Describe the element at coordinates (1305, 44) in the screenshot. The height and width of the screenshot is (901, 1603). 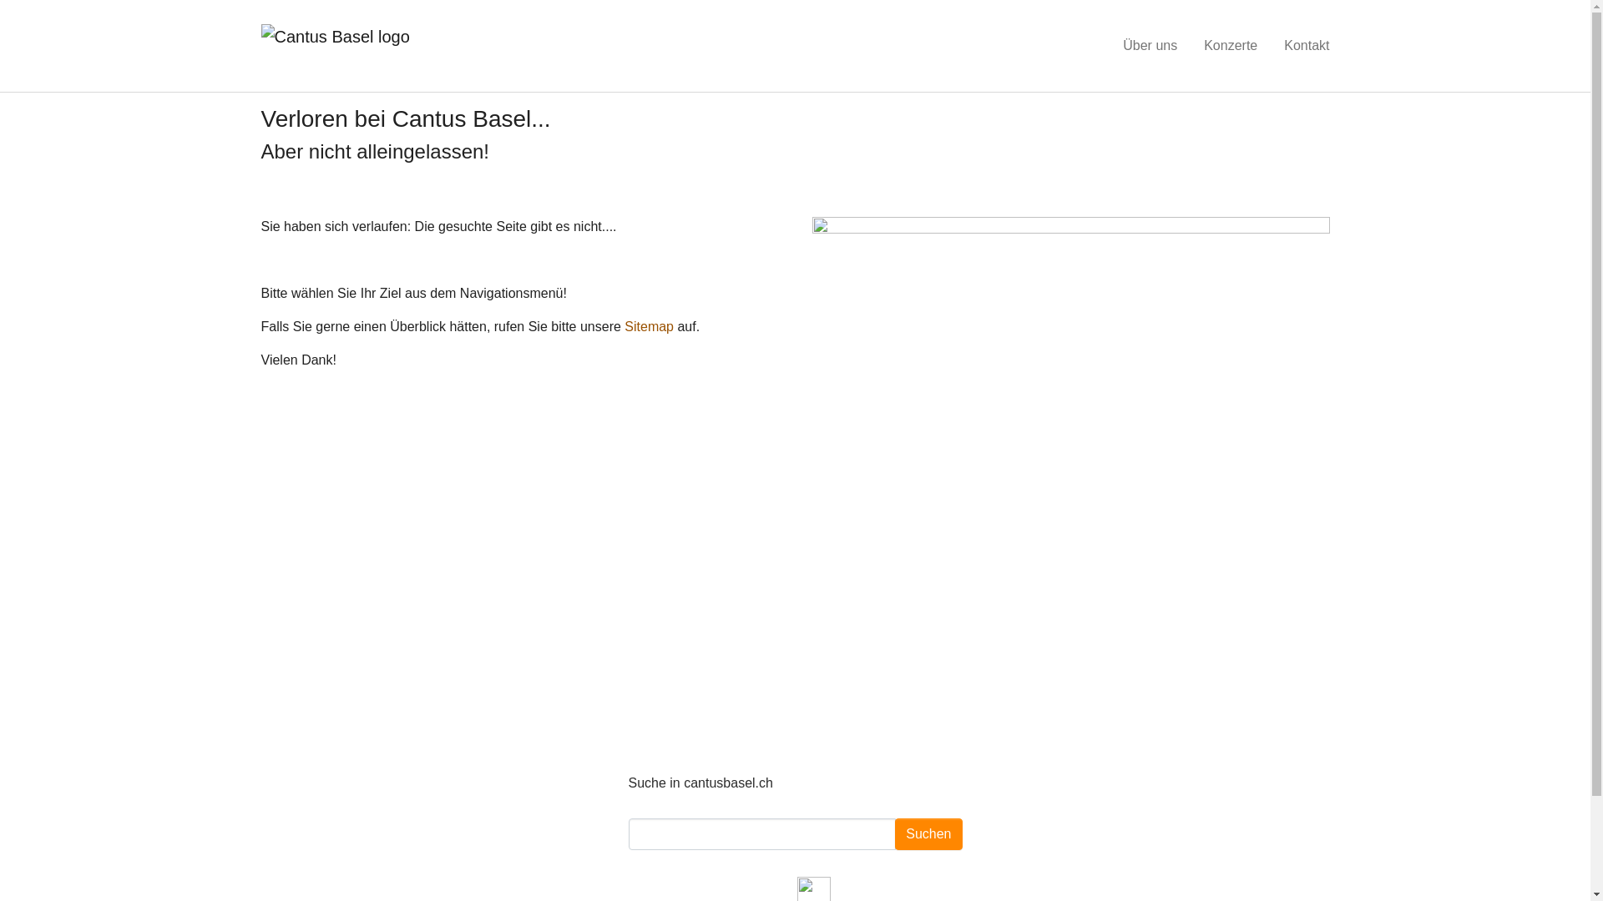
I see `'Kontakt'` at that location.